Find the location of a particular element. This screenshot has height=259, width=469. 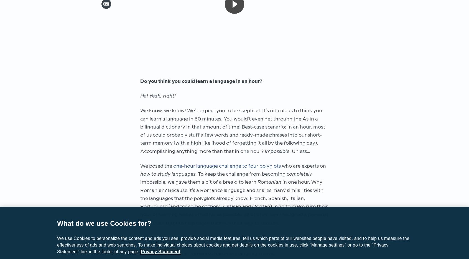

'how to study languages' is located at coordinates (140, 174).